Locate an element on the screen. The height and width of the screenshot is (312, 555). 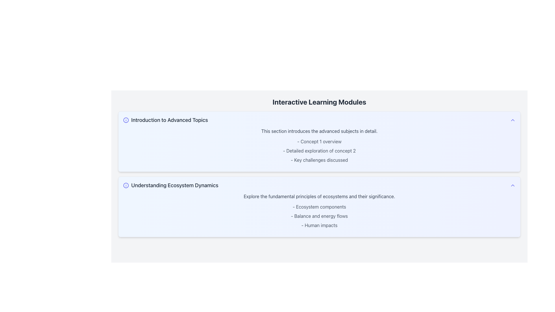
circular graphical component within the SVG that is styled with an indigo stroke and is located before the label 'Understanding Ecosystem Dynamics' is located at coordinates (126, 185).